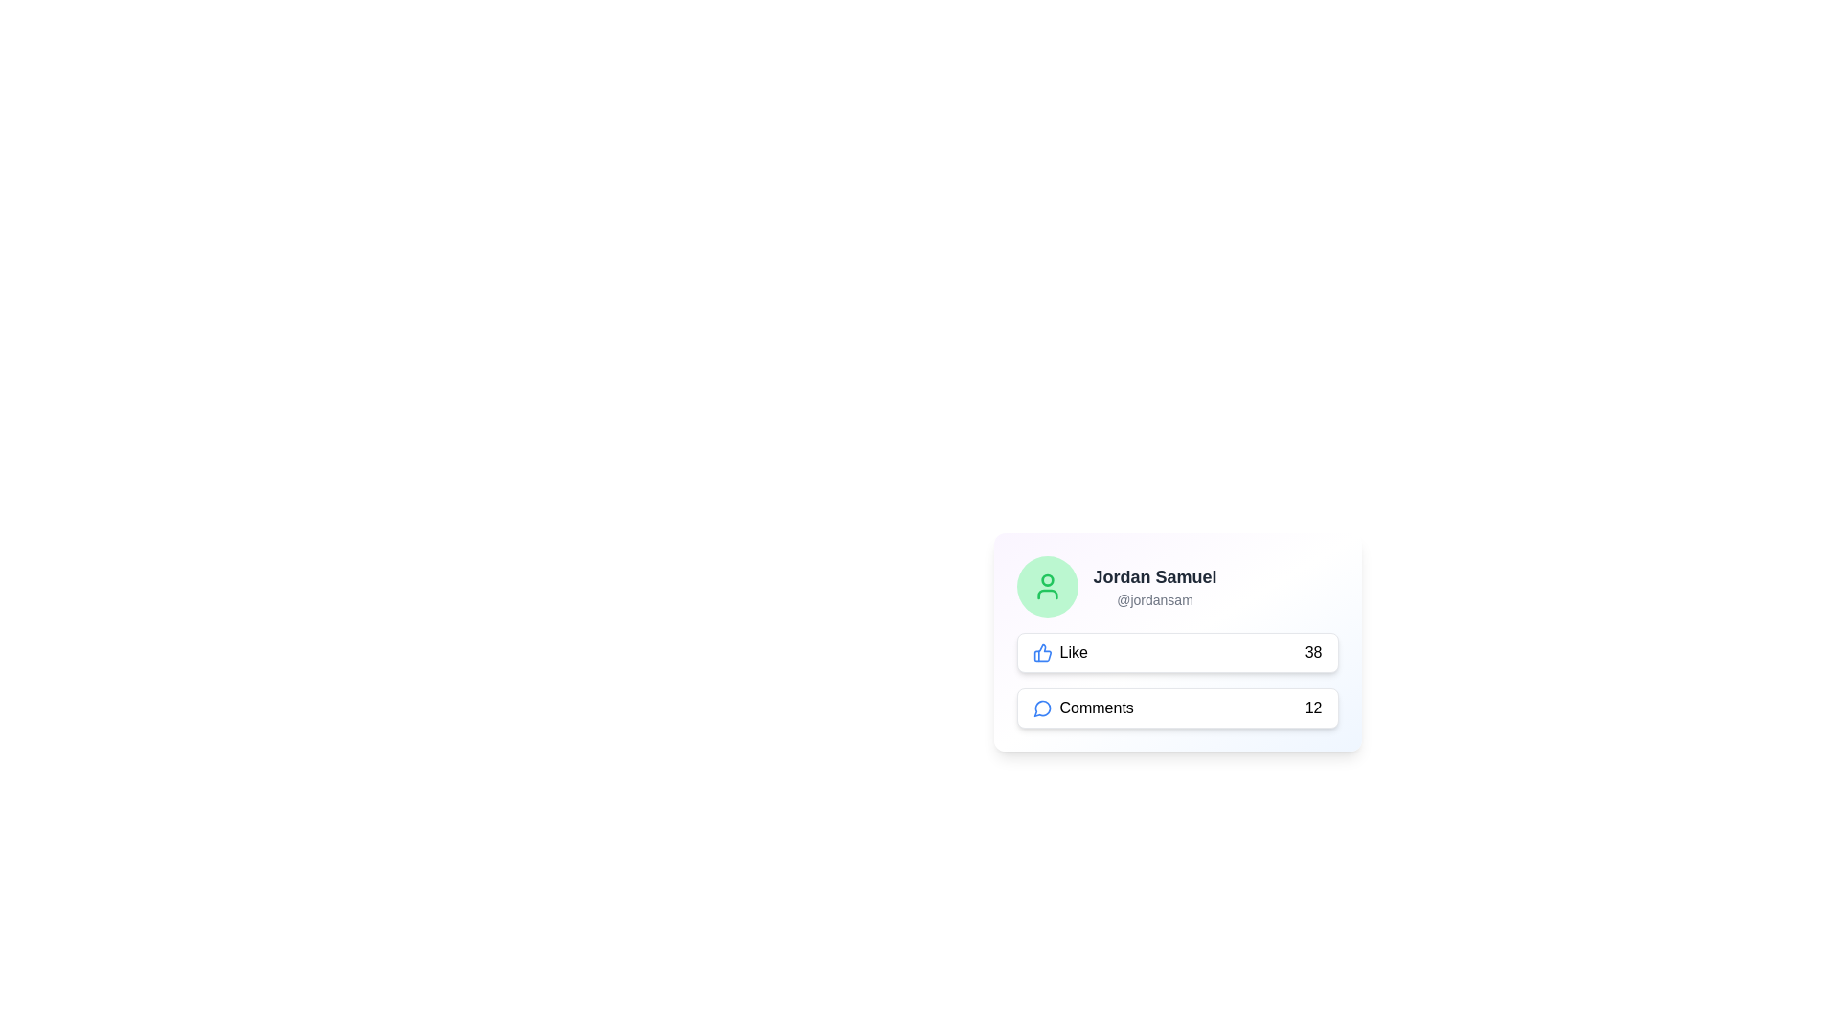 This screenshot has height=1034, width=1839. I want to click on the 'Comments' button located below the 'Like' button in the user profile section, so click(1176, 708).